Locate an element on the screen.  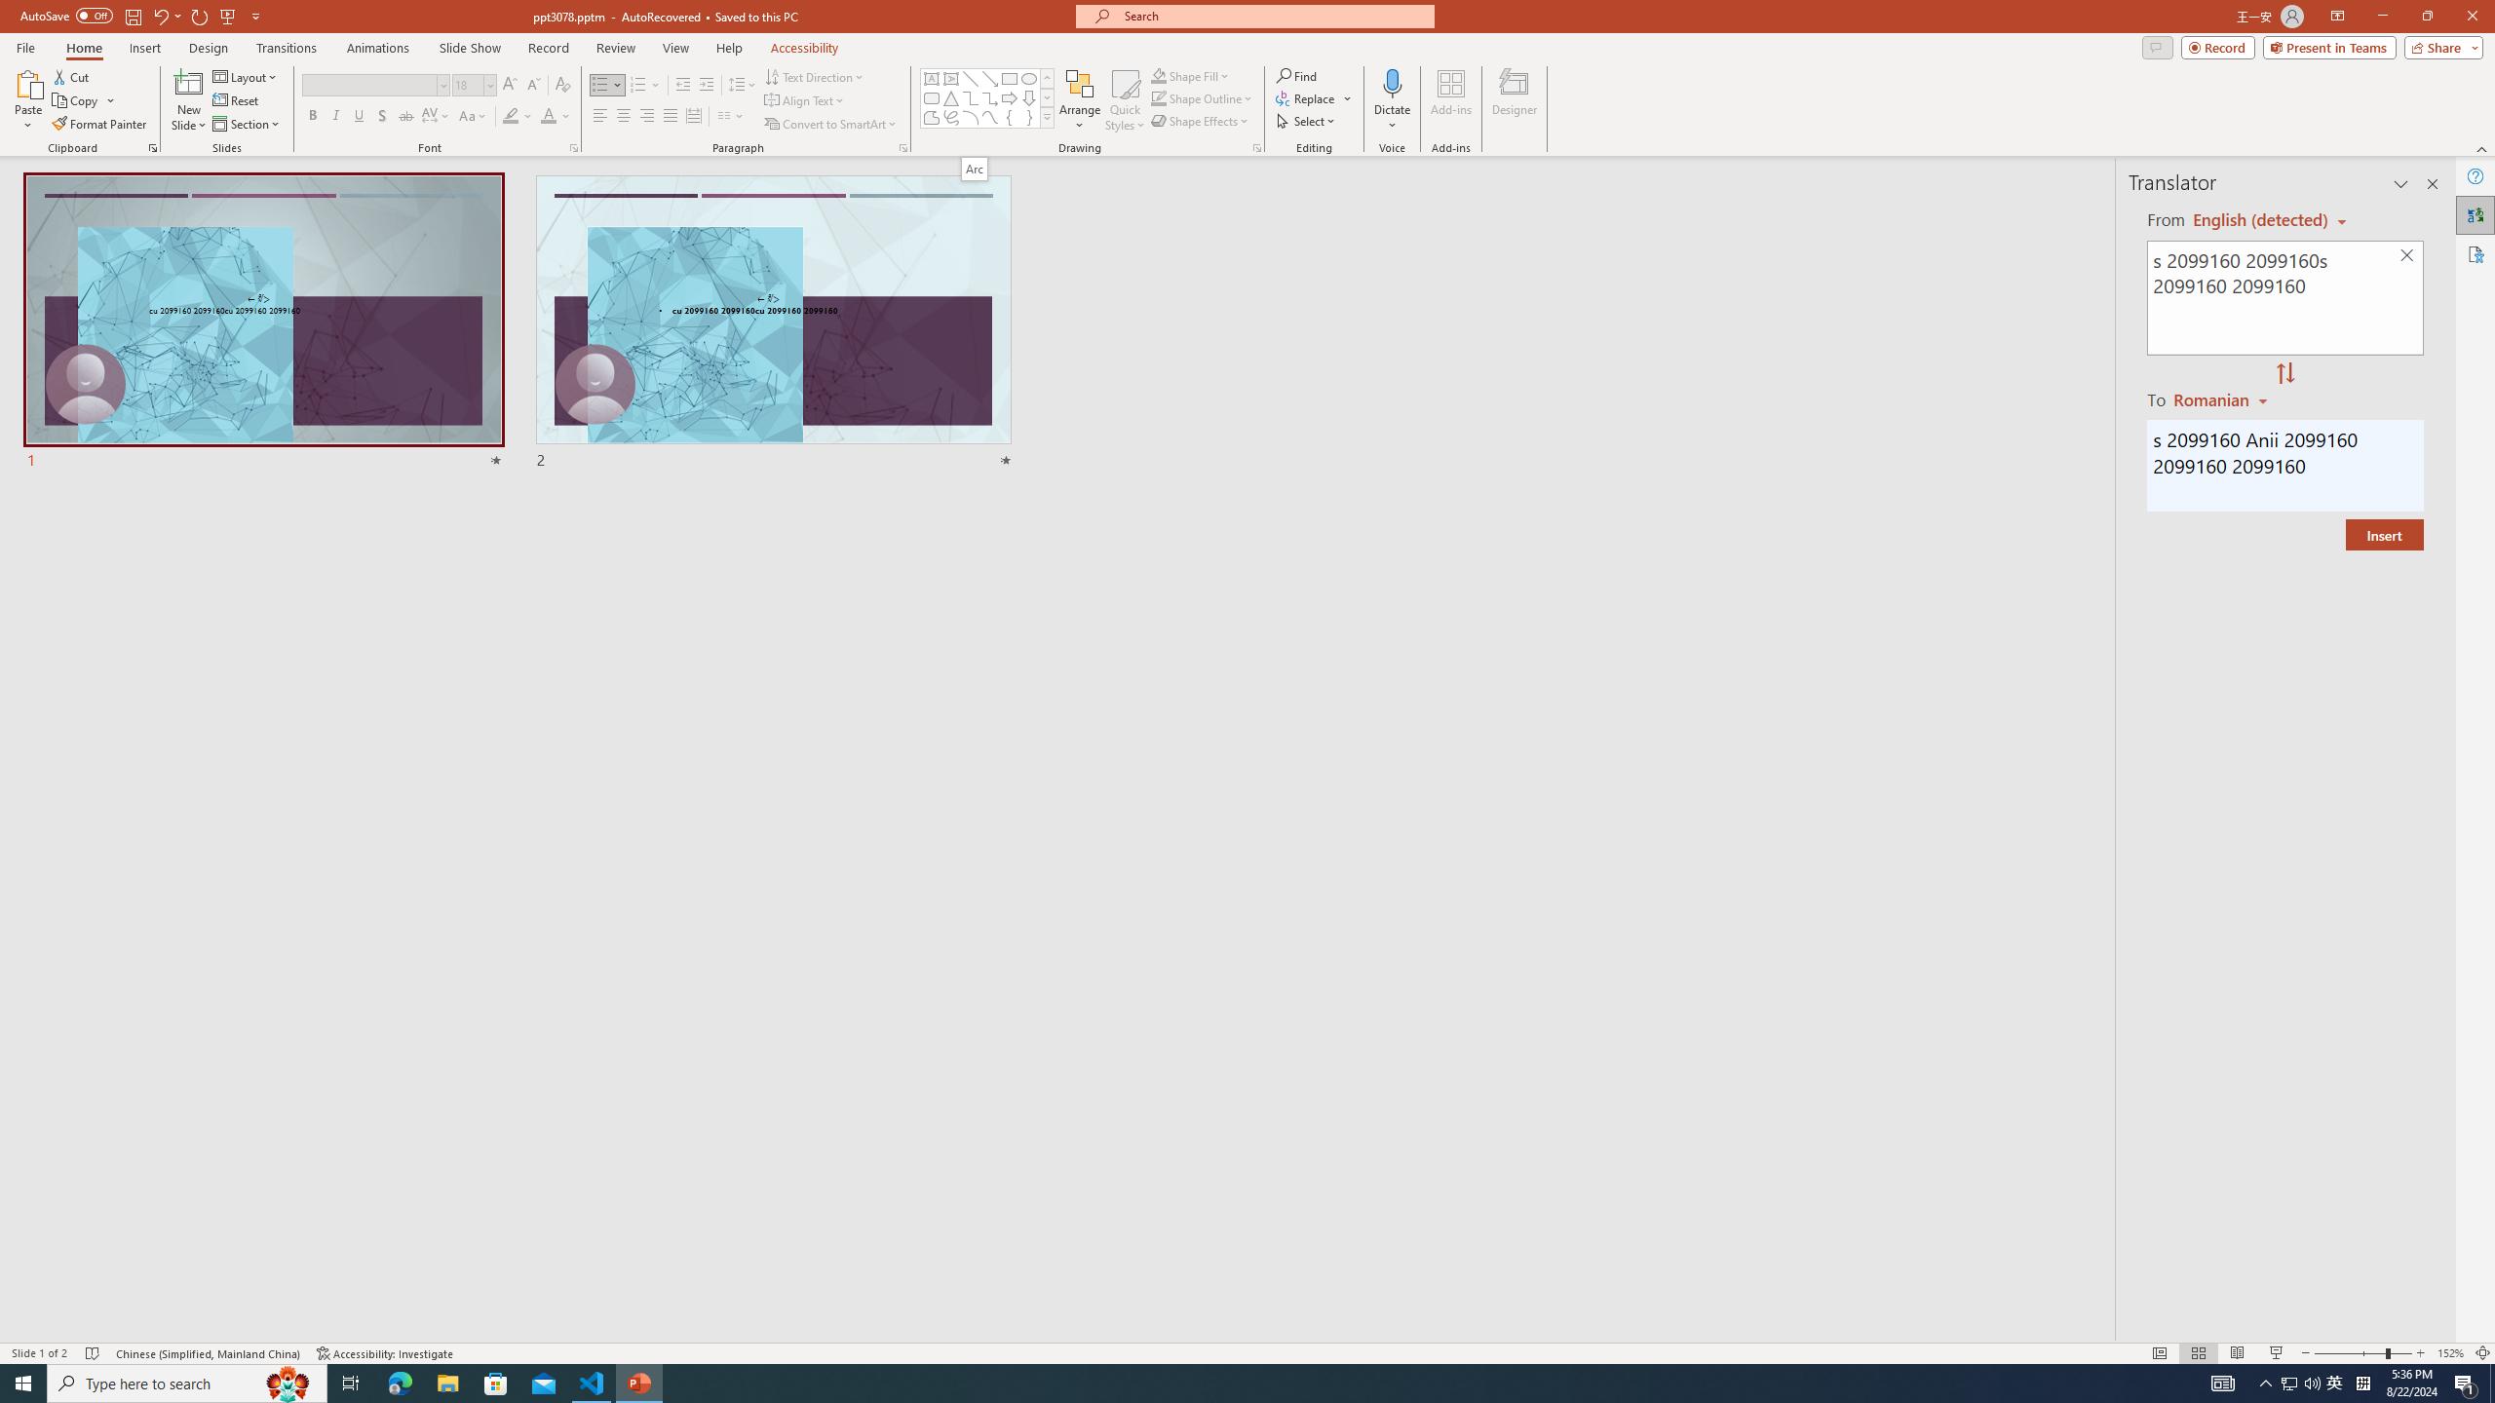
'Center' is located at coordinates (624, 115).